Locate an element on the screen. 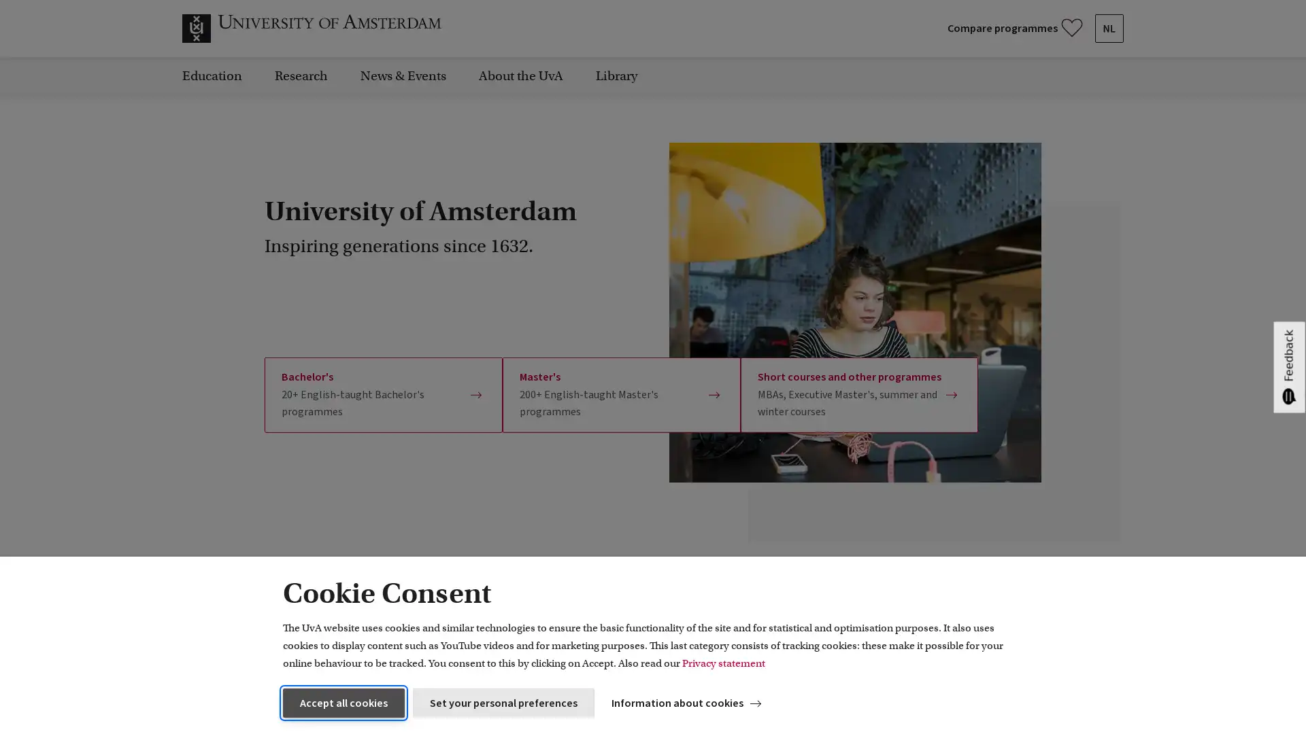 The width and height of the screenshot is (1306, 734). Compare your favourite programmes is located at coordinates (1012, 29).